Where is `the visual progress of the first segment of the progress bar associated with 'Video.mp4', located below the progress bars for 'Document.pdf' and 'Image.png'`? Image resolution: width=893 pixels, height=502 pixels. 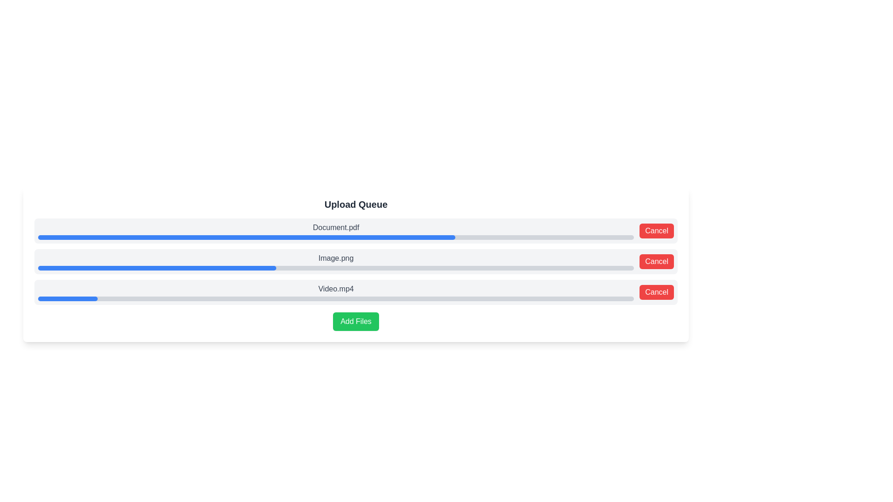
the visual progress of the first segment of the progress bar associated with 'Video.mp4', located below the progress bars for 'Document.pdf' and 'Image.png' is located at coordinates (67, 299).